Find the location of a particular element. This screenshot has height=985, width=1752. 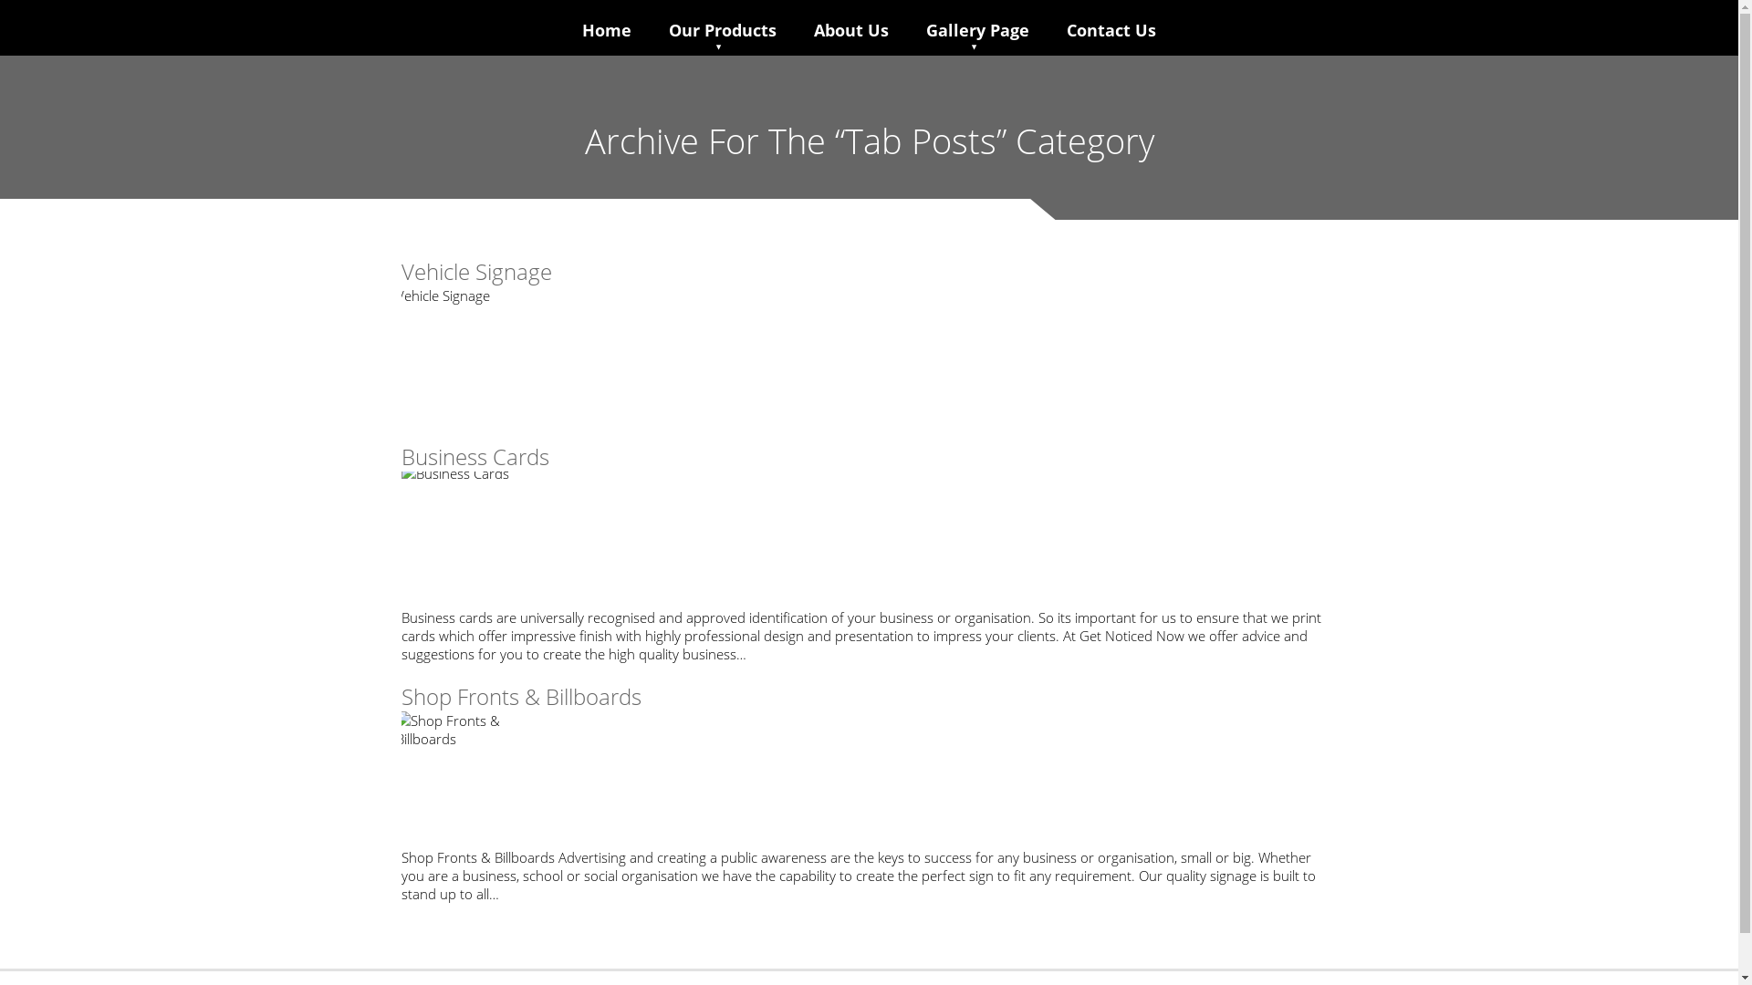

'Business Cards' is located at coordinates (401, 455).